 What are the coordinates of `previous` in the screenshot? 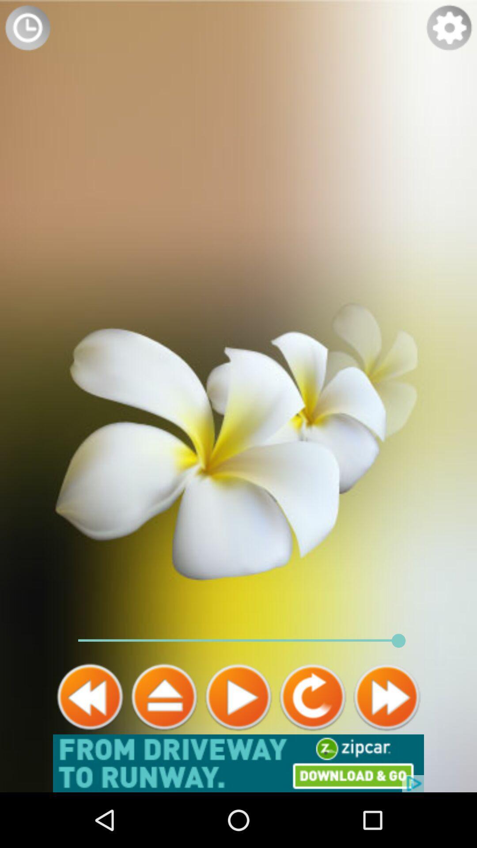 It's located at (90, 697).